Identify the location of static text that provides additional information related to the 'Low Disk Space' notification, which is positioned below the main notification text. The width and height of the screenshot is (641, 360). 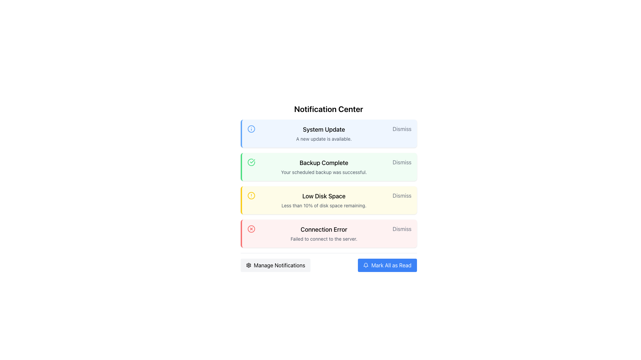
(324, 205).